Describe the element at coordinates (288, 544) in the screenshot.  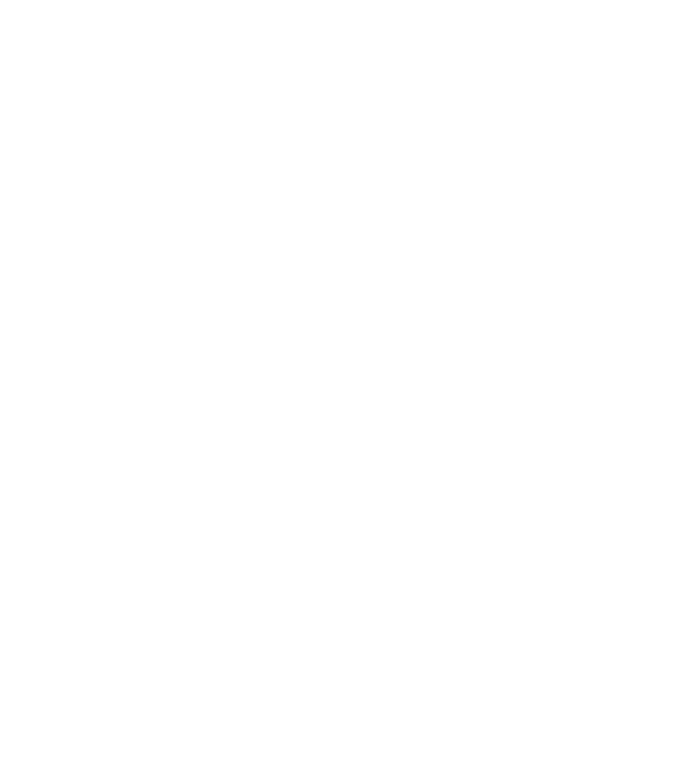
I see `'4'` at that location.